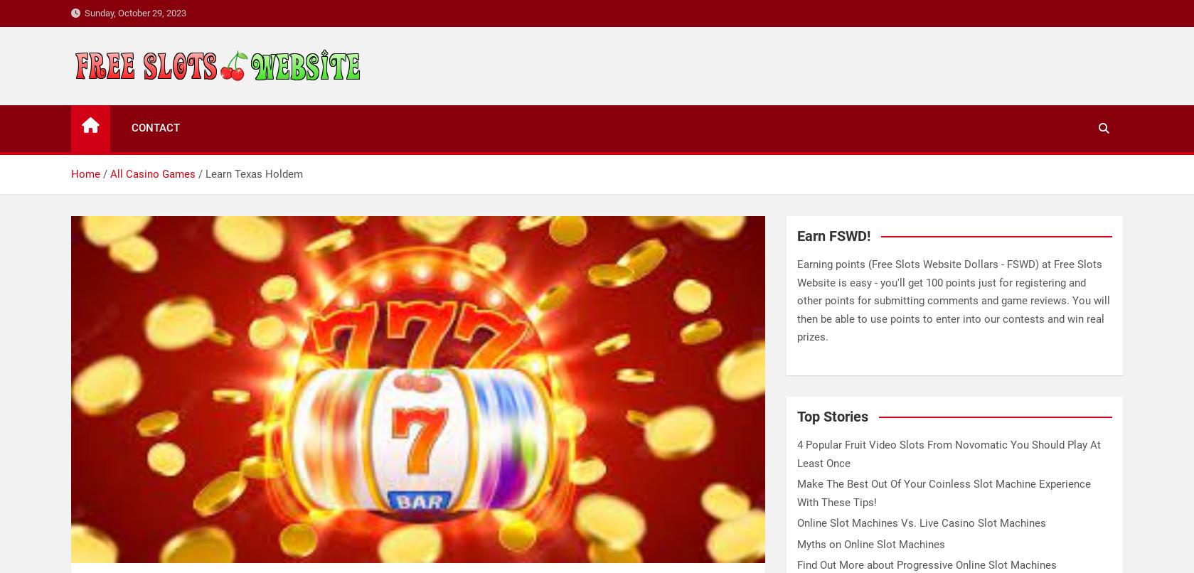 Image resolution: width=1194 pixels, height=573 pixels. I want to click on 'Top Stories', so click(831, 416).